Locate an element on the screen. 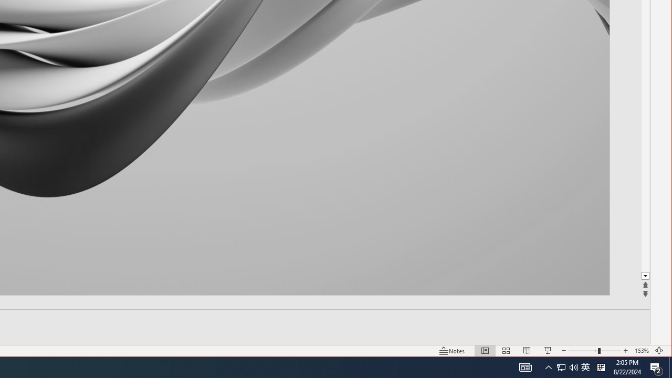 This screenshot has height=378, width=672. 'Zoom 153%' is located at coordinates (641, 351).